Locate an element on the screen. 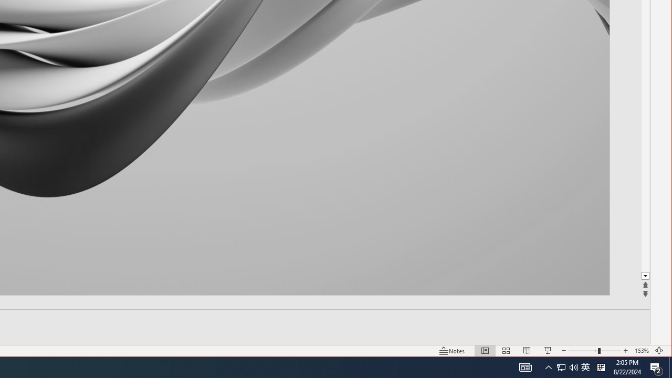 This screenshot has height=378, width=672. 'Zoom 153%' is located at coordinates (641, 351).